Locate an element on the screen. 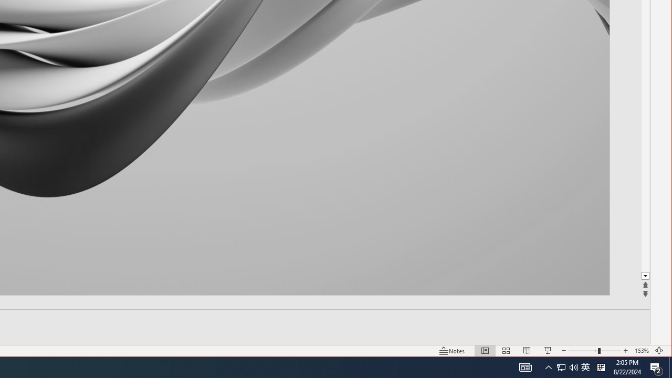 This screenshot has height=378, width=672. 'Zoom 153%' is located at coordinates (641, 351).